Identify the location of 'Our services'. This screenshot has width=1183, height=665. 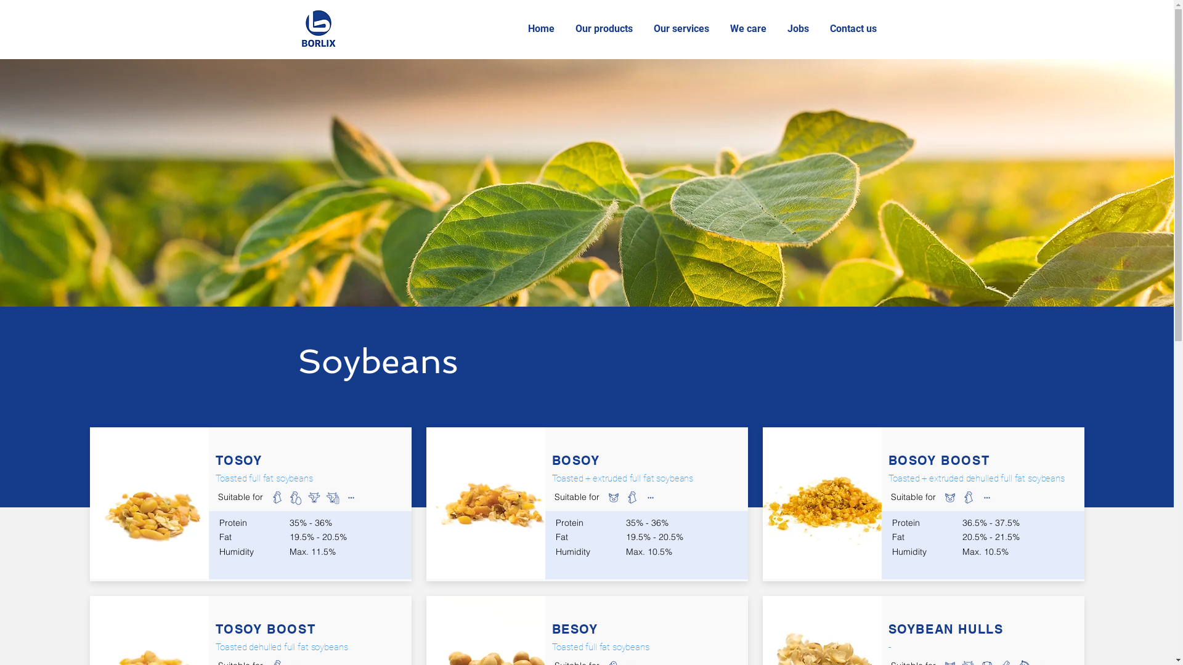
(682, 28).